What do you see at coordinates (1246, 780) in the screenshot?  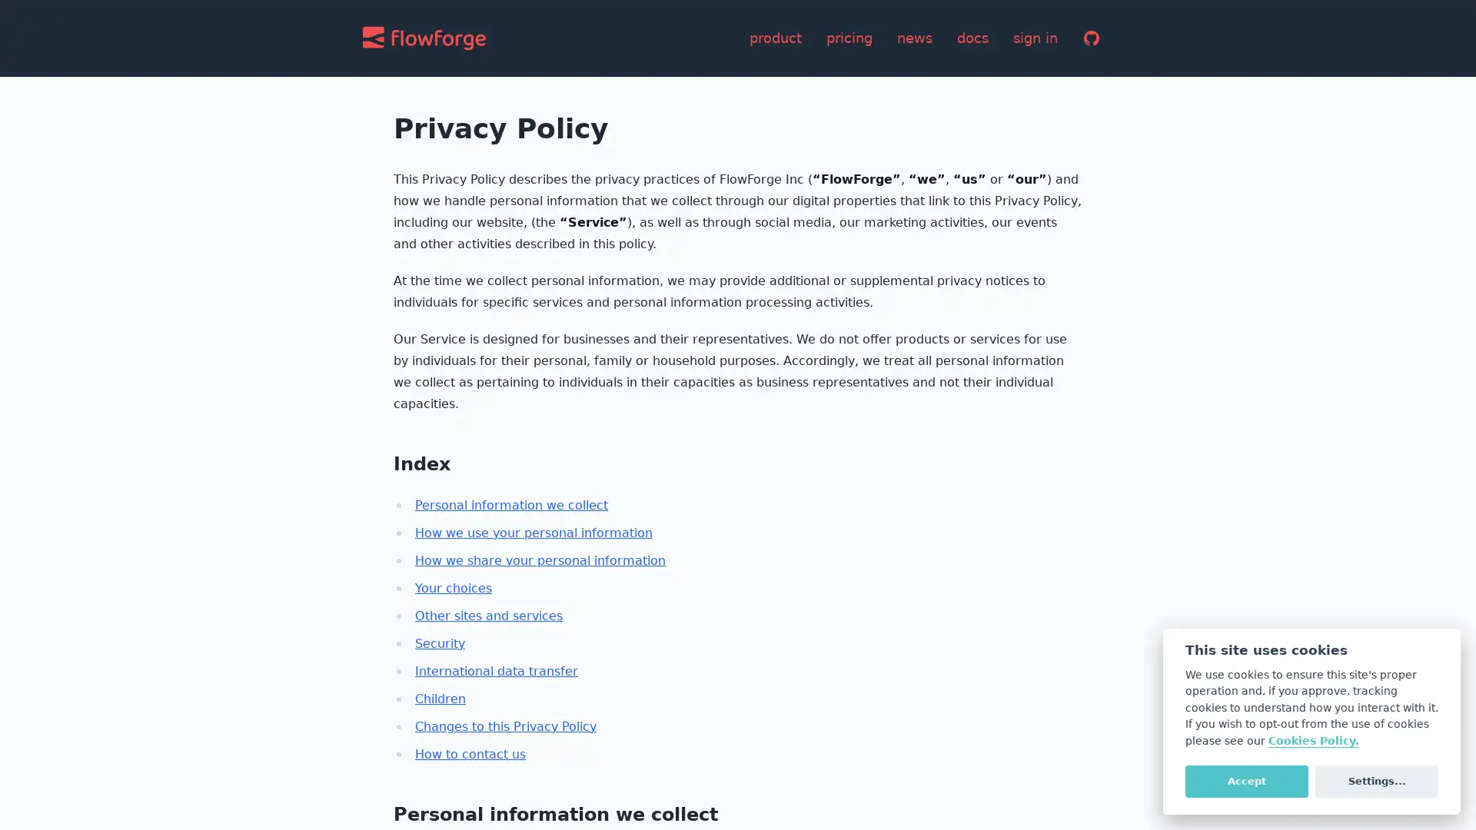 I see `Accept` at bounding box center [1246, 780].